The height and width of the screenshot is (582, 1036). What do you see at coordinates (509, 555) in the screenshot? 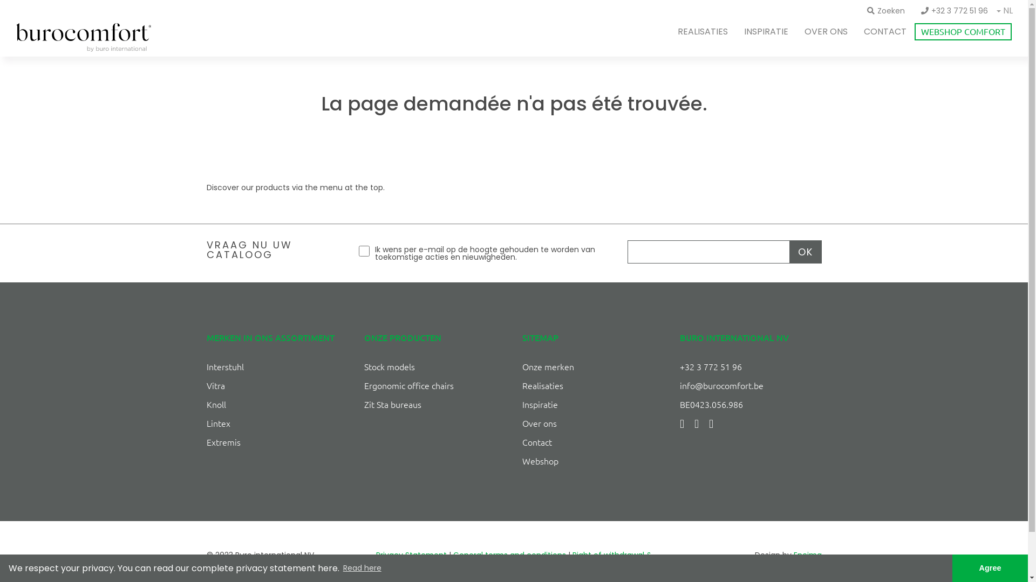
I see `'General terms and conditions'` at bounding box center [509, 555].